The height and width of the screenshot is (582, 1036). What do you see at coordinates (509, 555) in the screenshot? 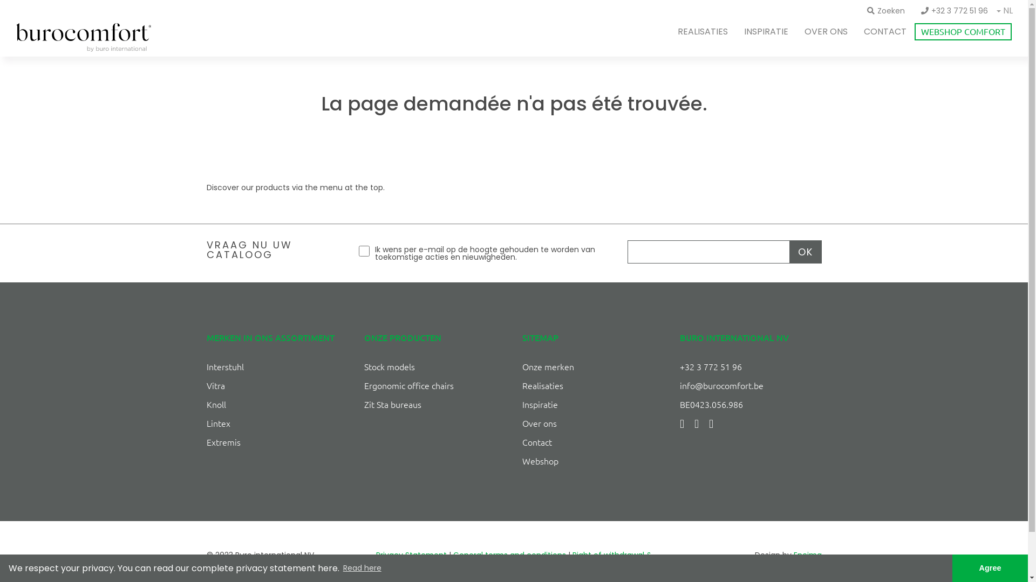
I see `'General terms and conditions'` at bounding box center [509, 555].